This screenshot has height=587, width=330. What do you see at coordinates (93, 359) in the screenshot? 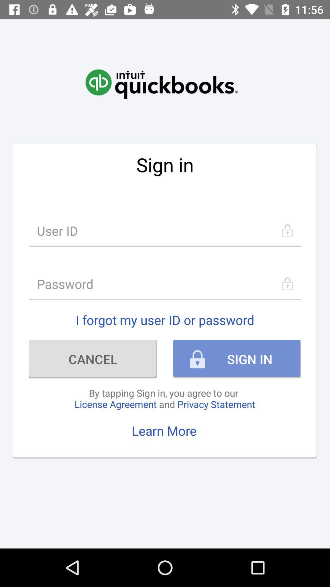
I see `the icon next to the sign in item` at bounding box center [93, 359].